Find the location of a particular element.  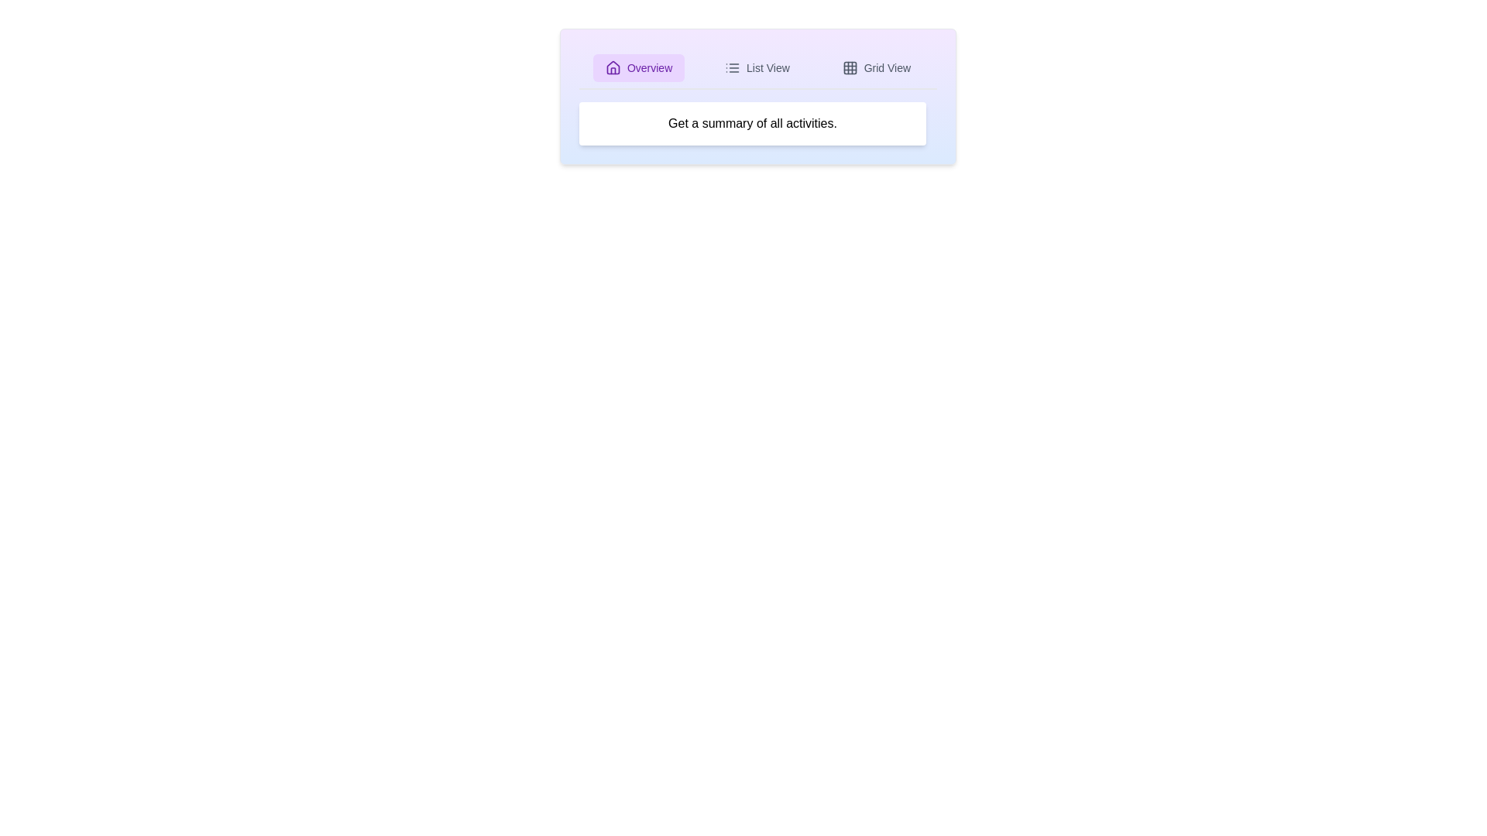

the tab Overview to observe the hover effect is located at coordinates (639, 67).